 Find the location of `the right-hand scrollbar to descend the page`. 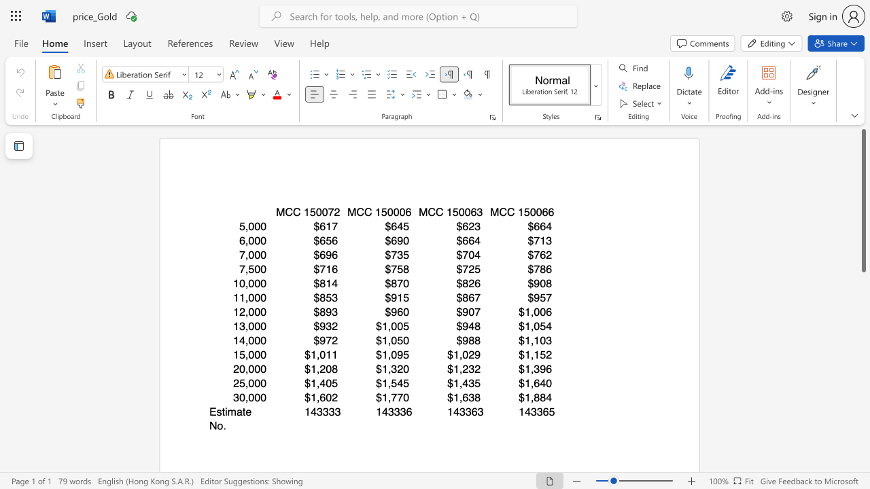

the right-hand scrollbar to descend the page is located at coordinates (863, 284).